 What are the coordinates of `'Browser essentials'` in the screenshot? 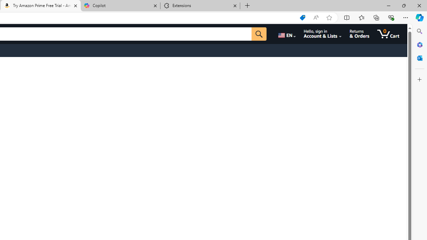 It's located at (391, 17).